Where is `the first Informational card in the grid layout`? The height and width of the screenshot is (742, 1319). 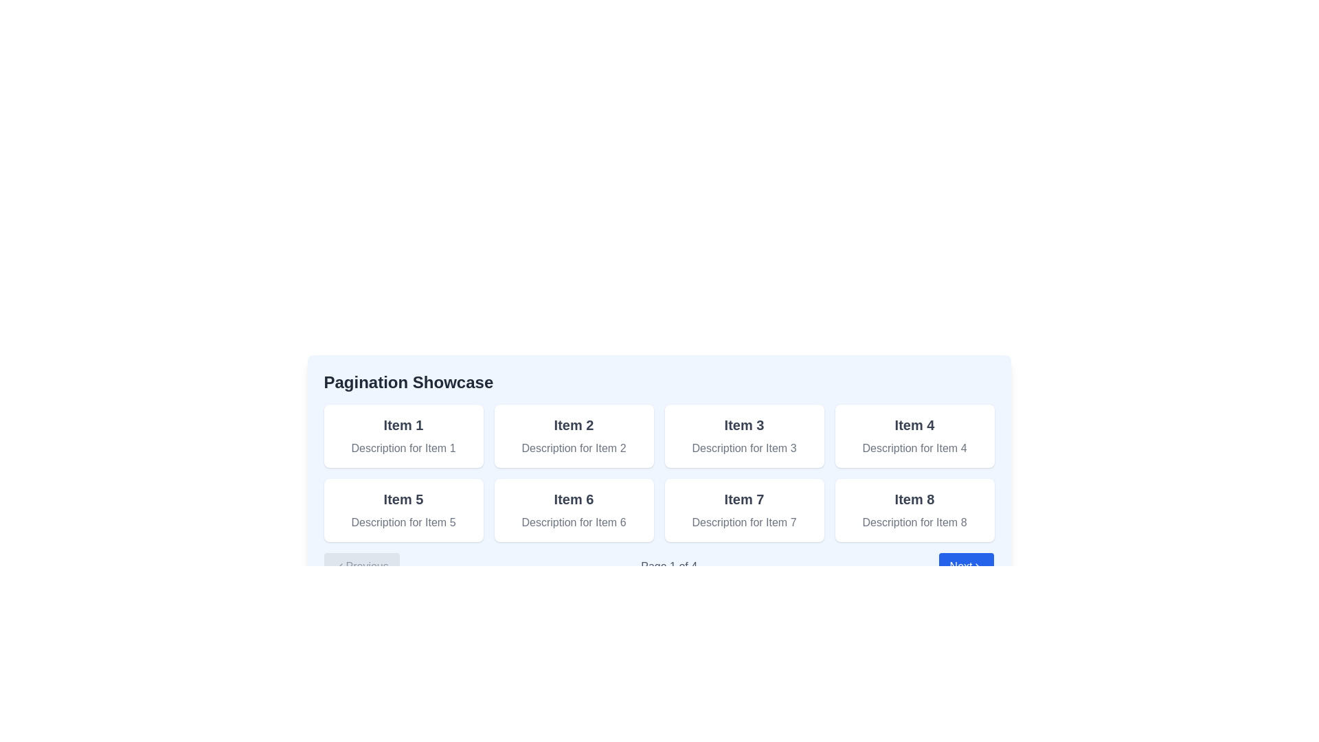 the first Informational card in the grid layout is located at coordinates (403, 436).